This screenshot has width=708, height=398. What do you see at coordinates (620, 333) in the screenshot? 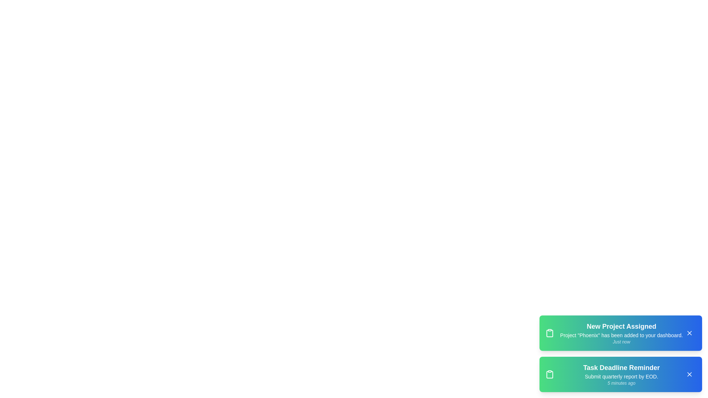
I see `the notification to view its details` at bounding box center [620, 333].